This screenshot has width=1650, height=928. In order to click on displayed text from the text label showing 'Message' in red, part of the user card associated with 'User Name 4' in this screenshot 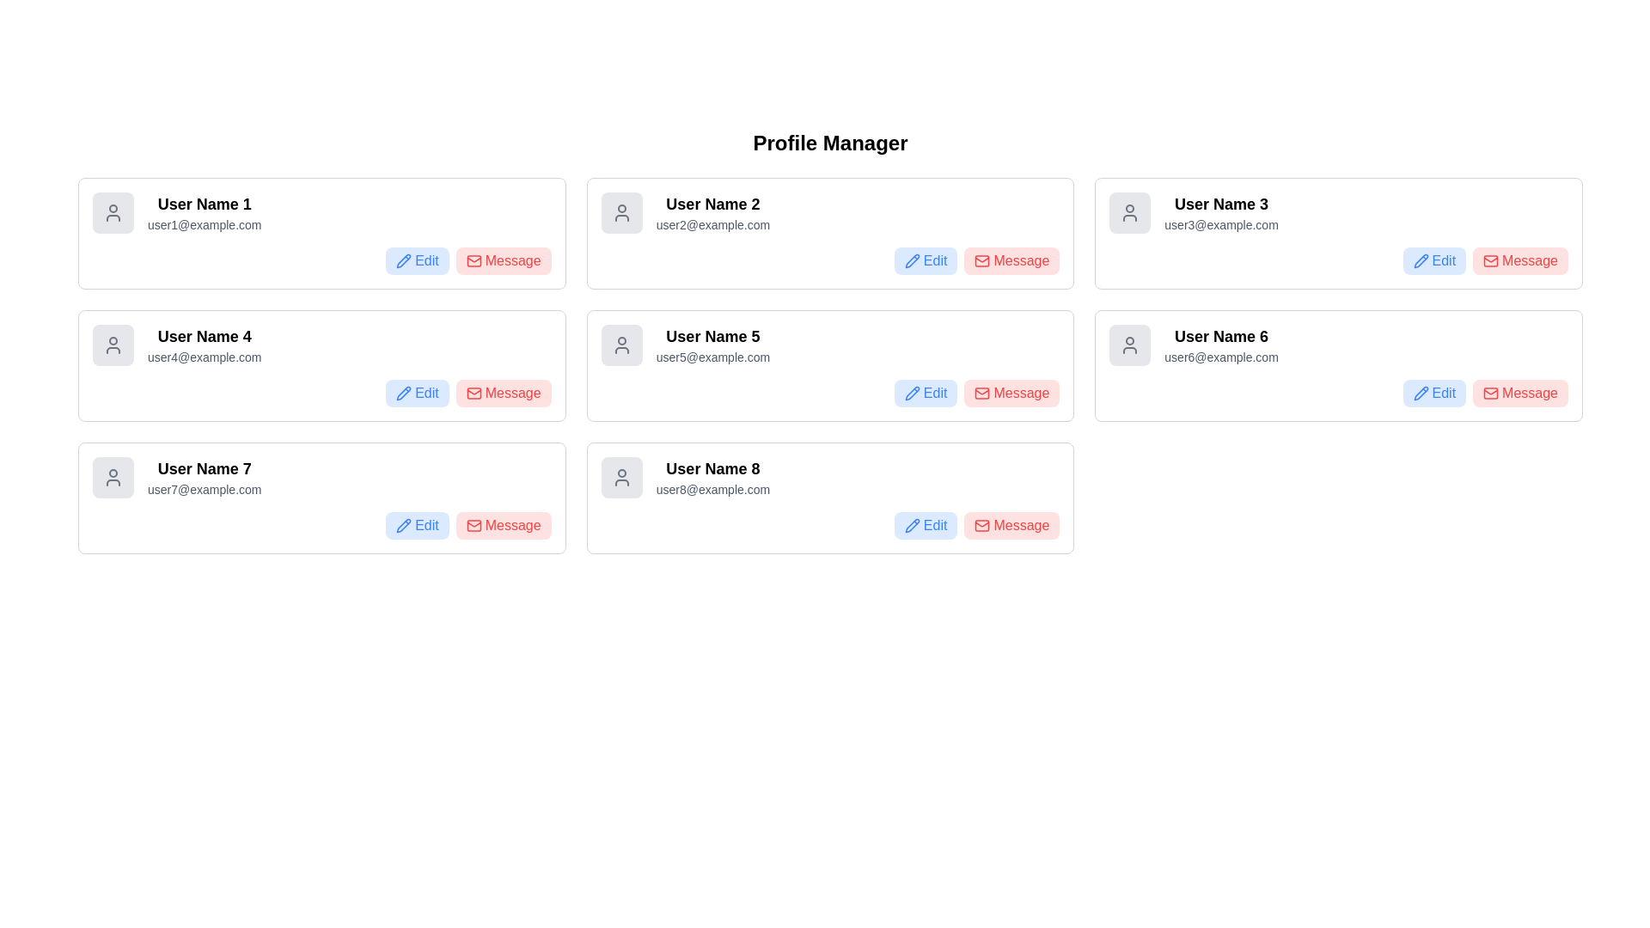, I will do `click(512, 394)`.